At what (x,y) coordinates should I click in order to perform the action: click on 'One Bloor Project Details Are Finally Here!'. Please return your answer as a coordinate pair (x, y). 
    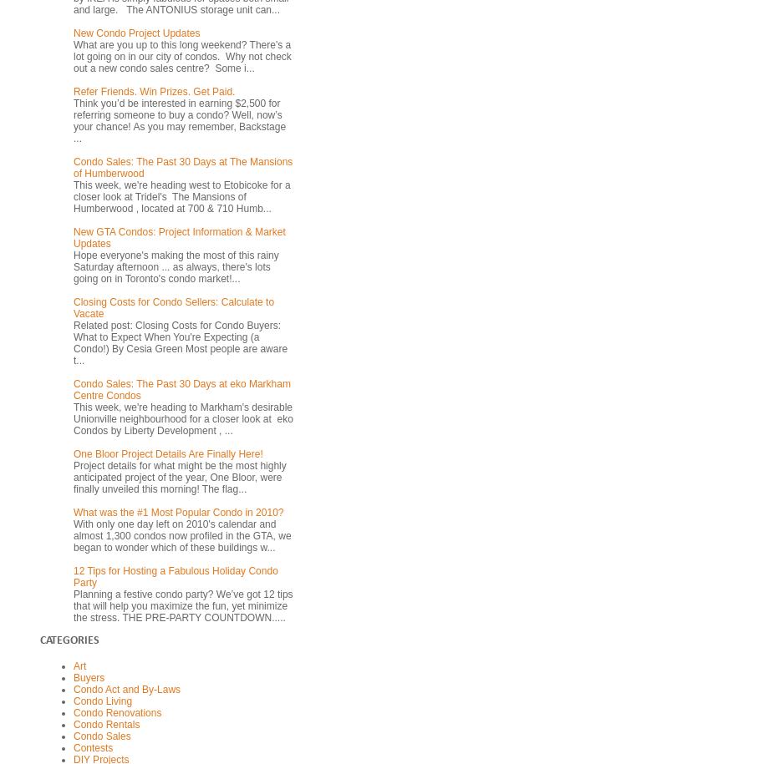
    Looking at the image, I should click on (73, 453).